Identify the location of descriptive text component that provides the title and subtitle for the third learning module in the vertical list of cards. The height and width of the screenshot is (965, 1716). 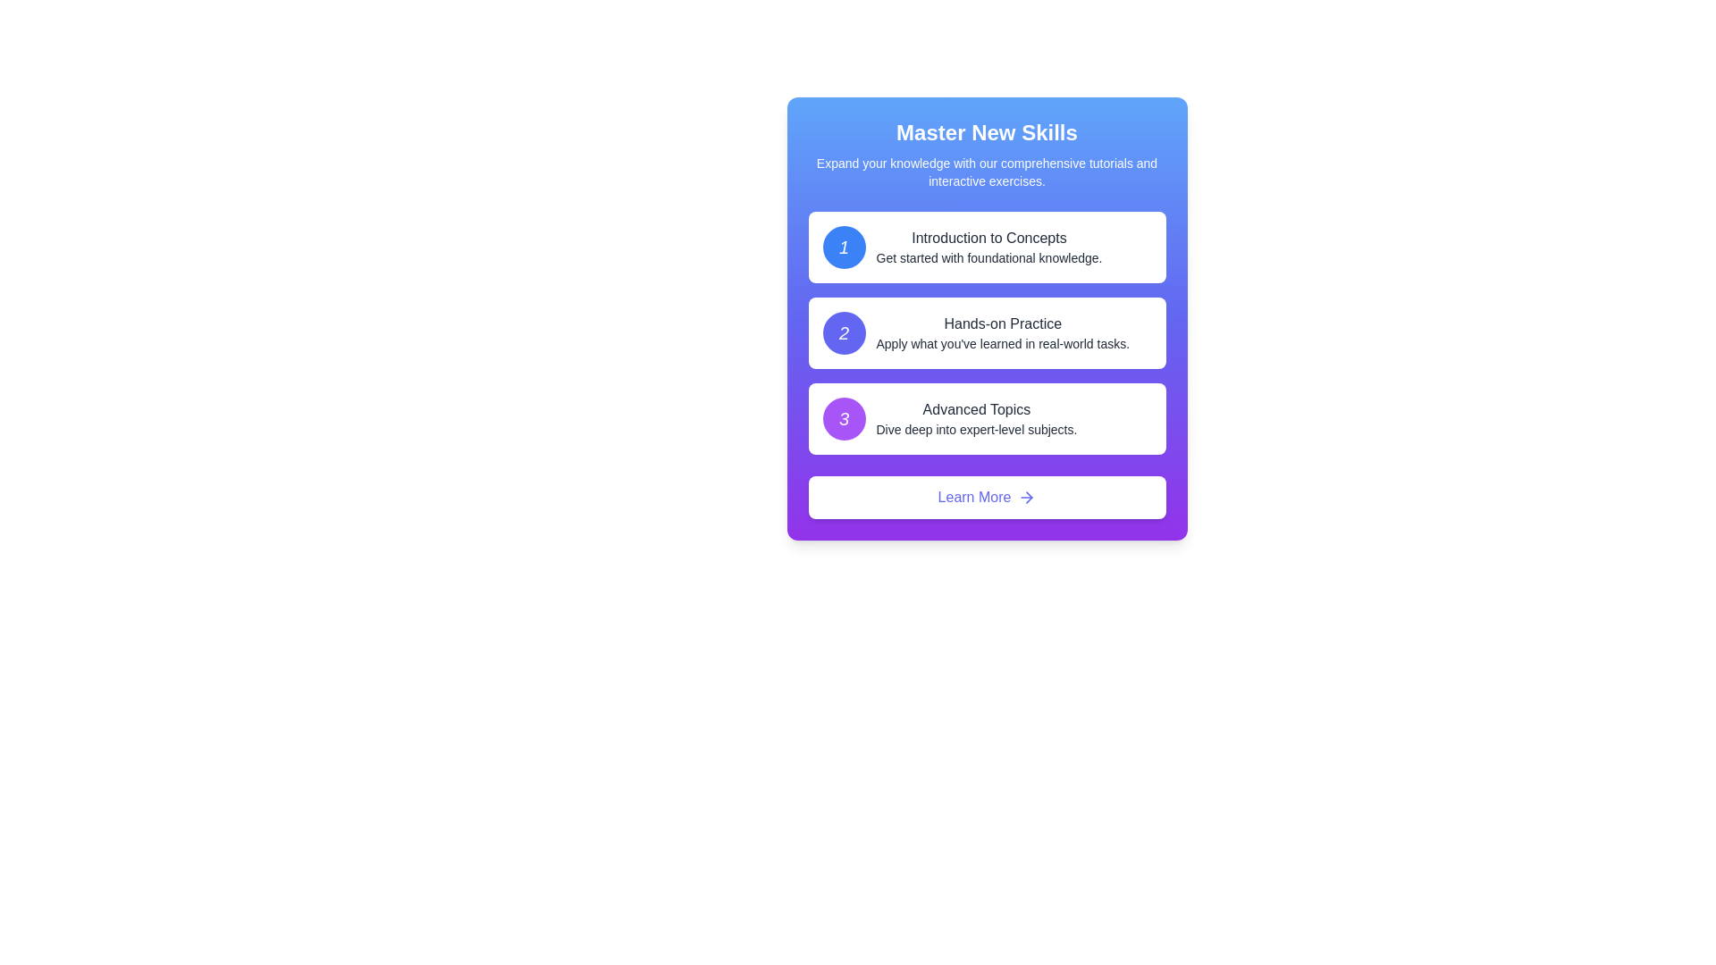
(975, 419).